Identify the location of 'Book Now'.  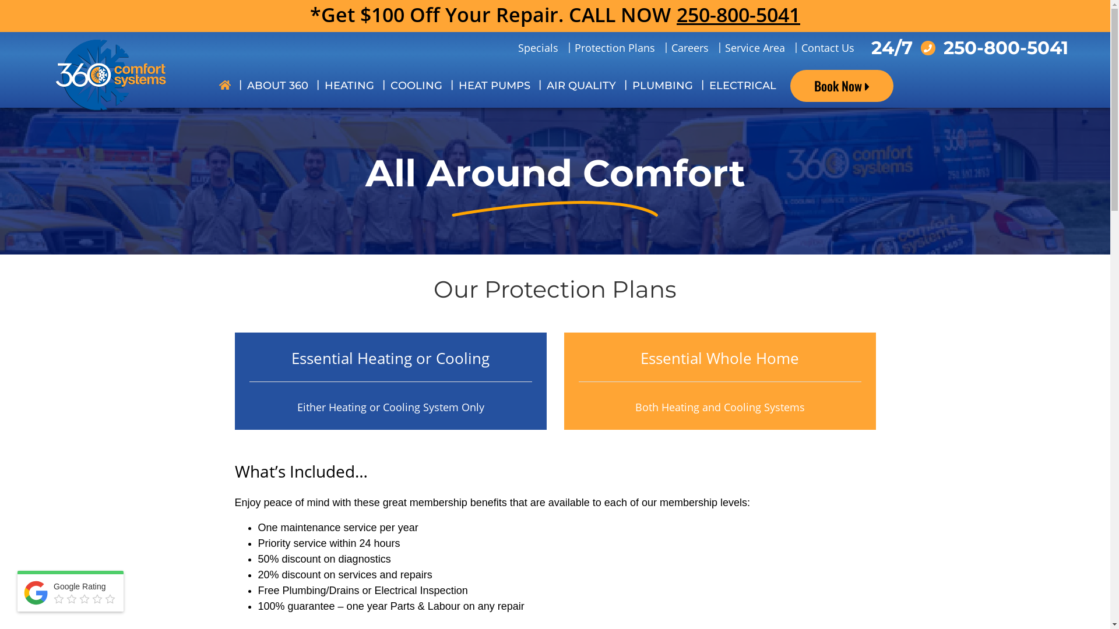
(842, 85).